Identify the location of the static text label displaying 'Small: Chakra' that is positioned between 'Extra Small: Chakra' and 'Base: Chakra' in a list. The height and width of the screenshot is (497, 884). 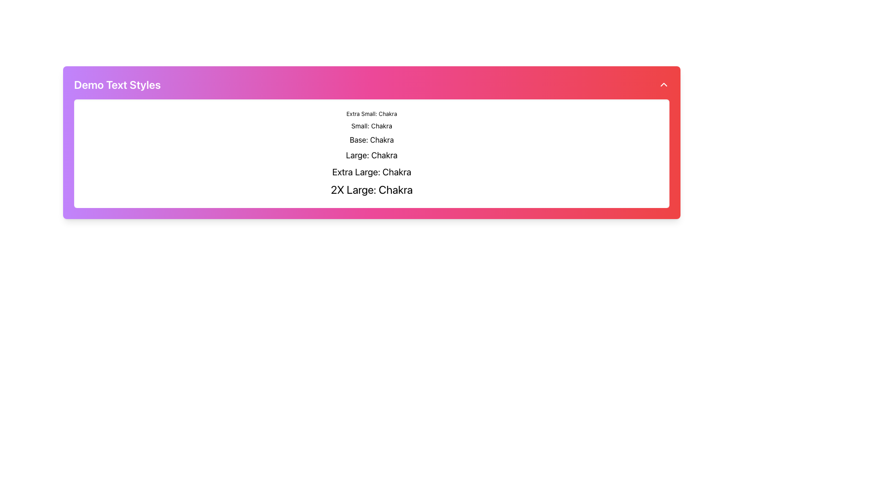
(372, 126).